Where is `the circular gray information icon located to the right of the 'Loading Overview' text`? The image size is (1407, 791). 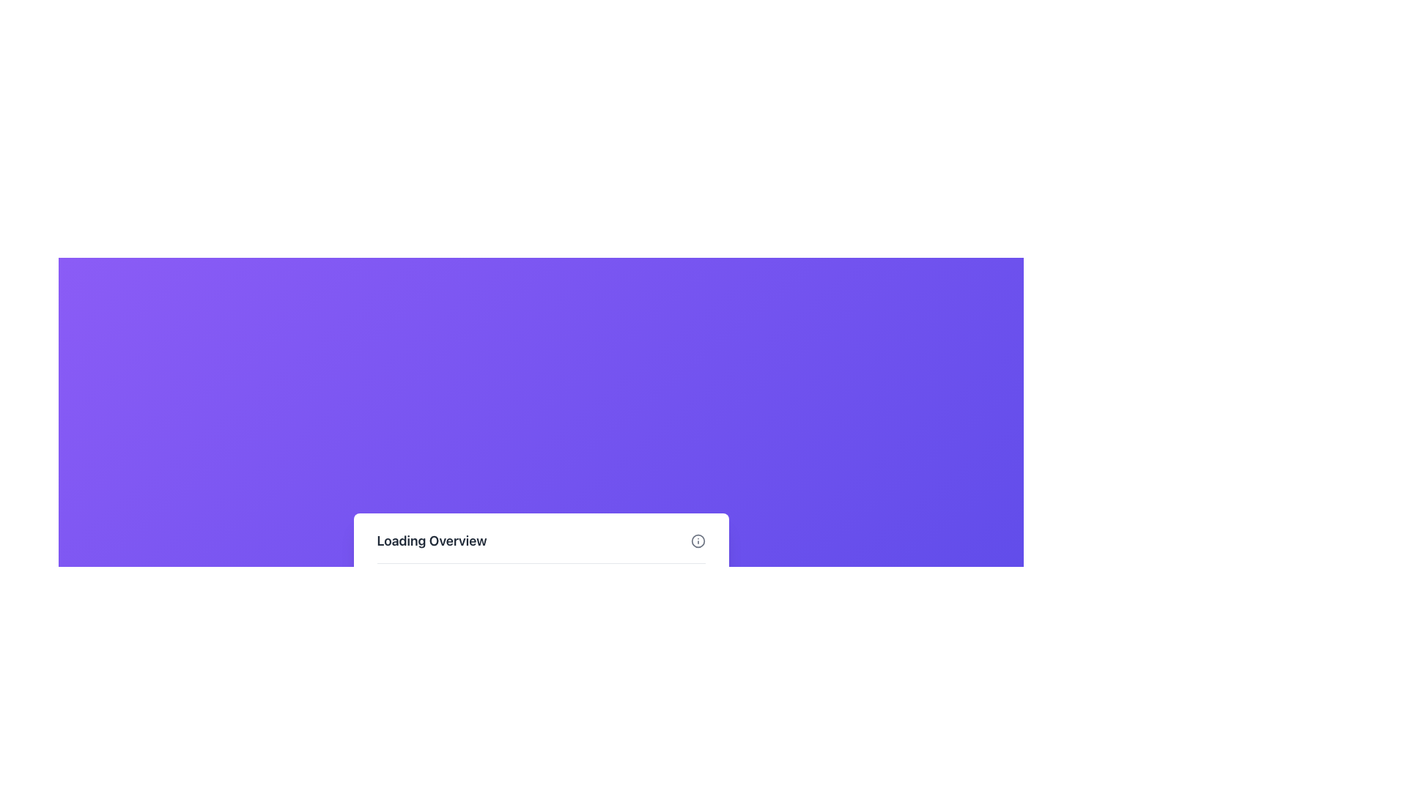 the circular gray information icon located to the right of the 'Loading Overview' text is located at coordinates (697, 541).